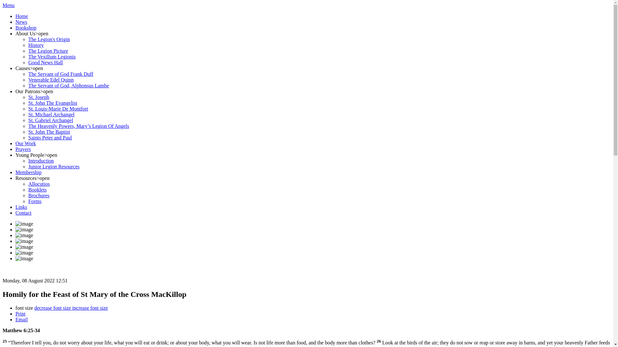  What do you see at coordinates (24, 235) in the screenshot?
I see `'image'` at bounding box center [24, 235].